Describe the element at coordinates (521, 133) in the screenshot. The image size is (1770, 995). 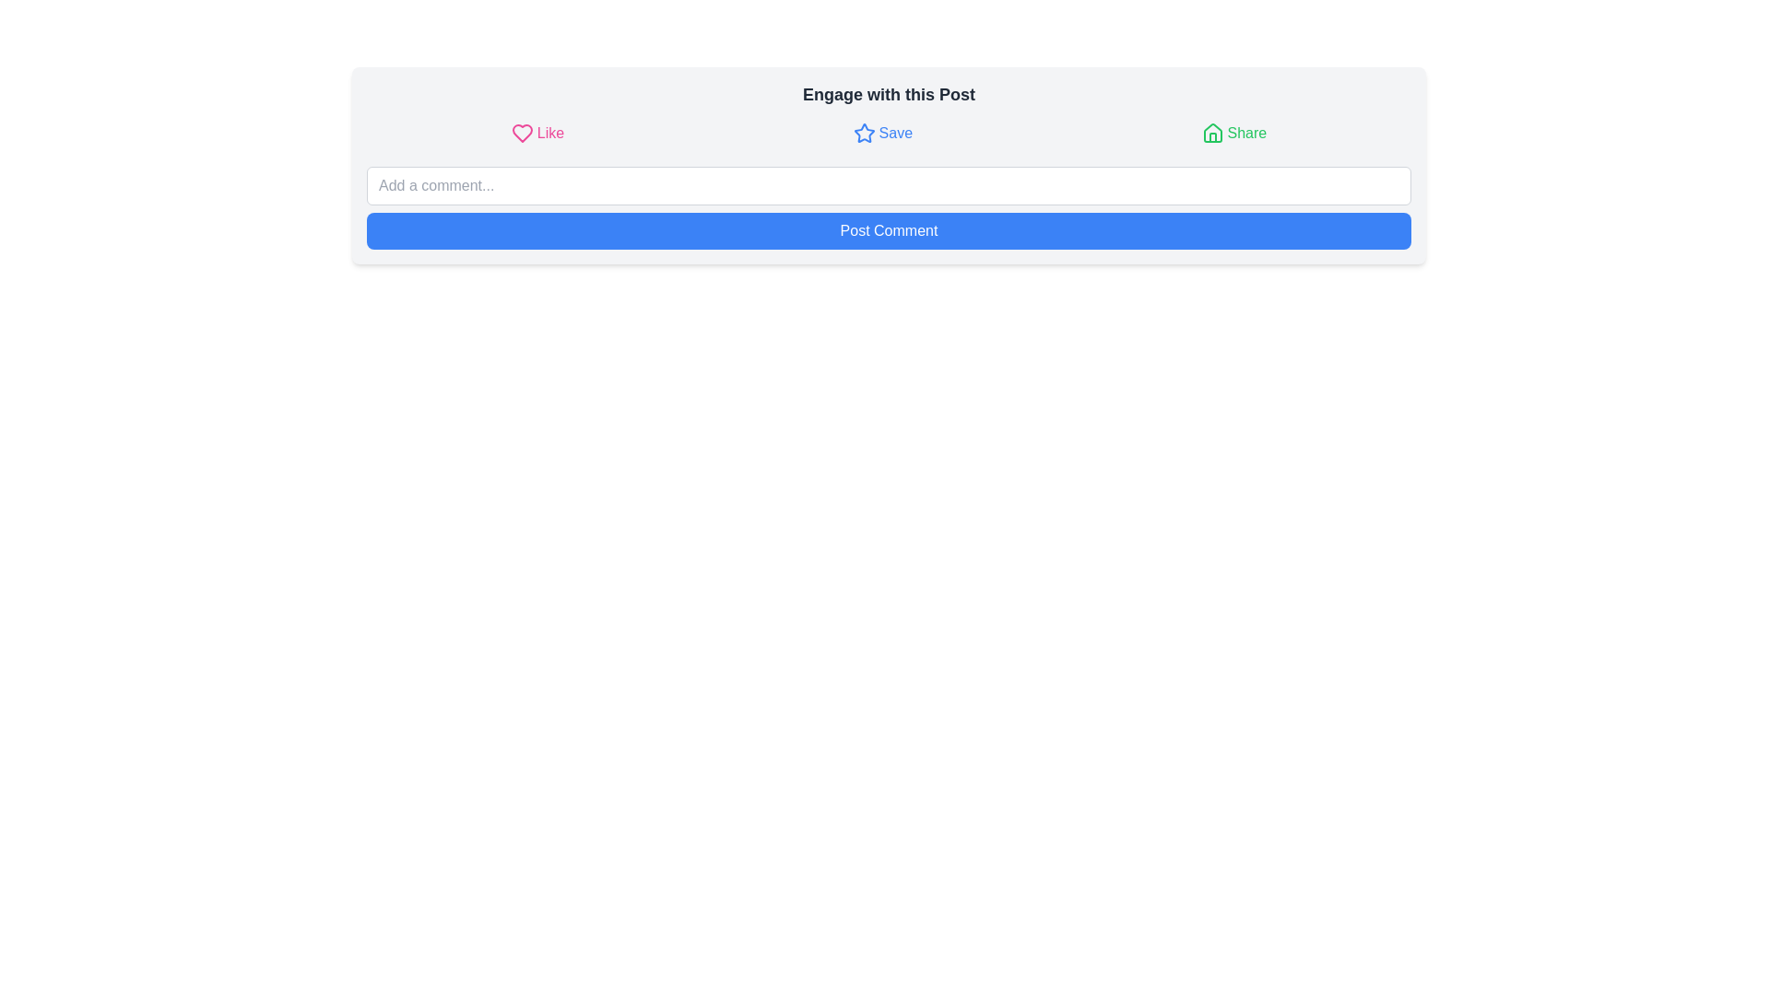
I see `the heart-shaped icon with a pink fill, located to the left of the text 'Like'` at that location.